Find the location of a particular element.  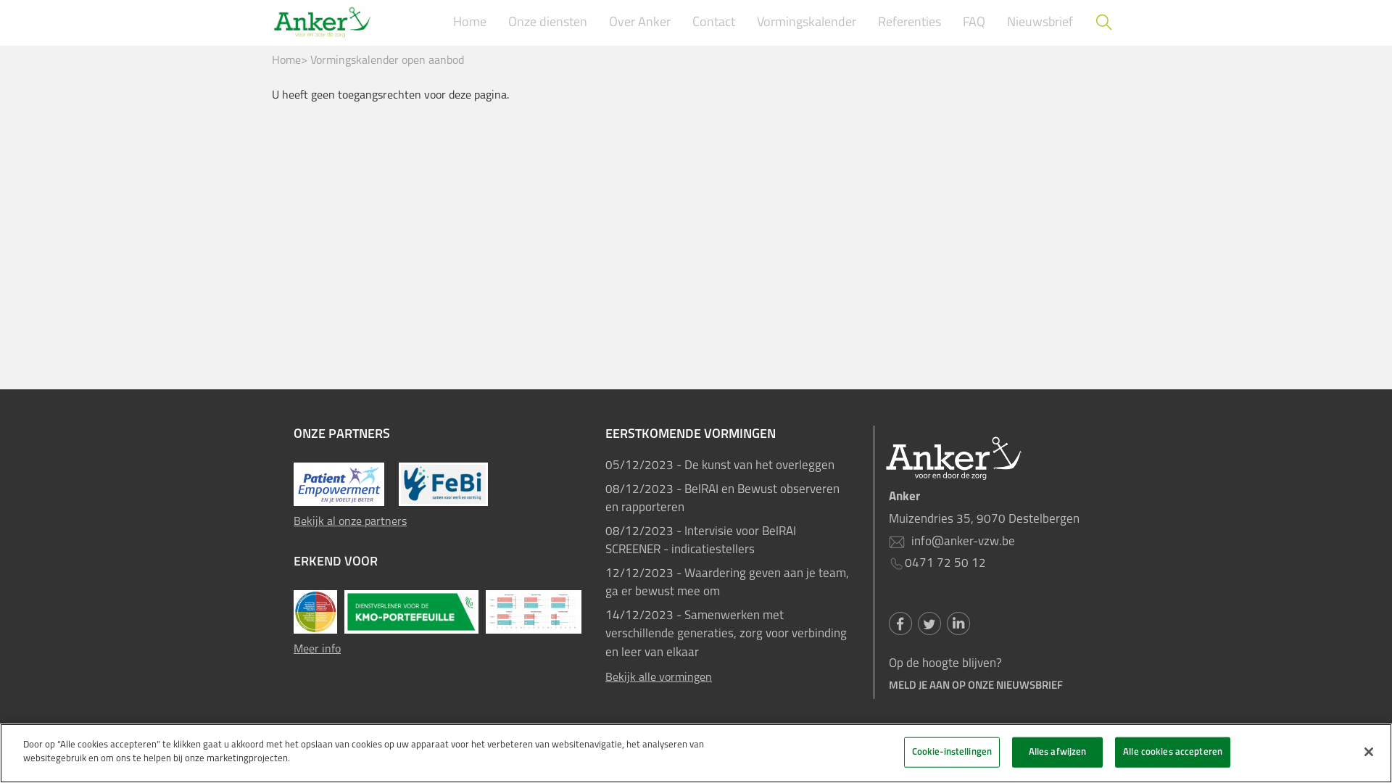

'Vormingskalender open aanbod' is located at coordinates (386, 60).